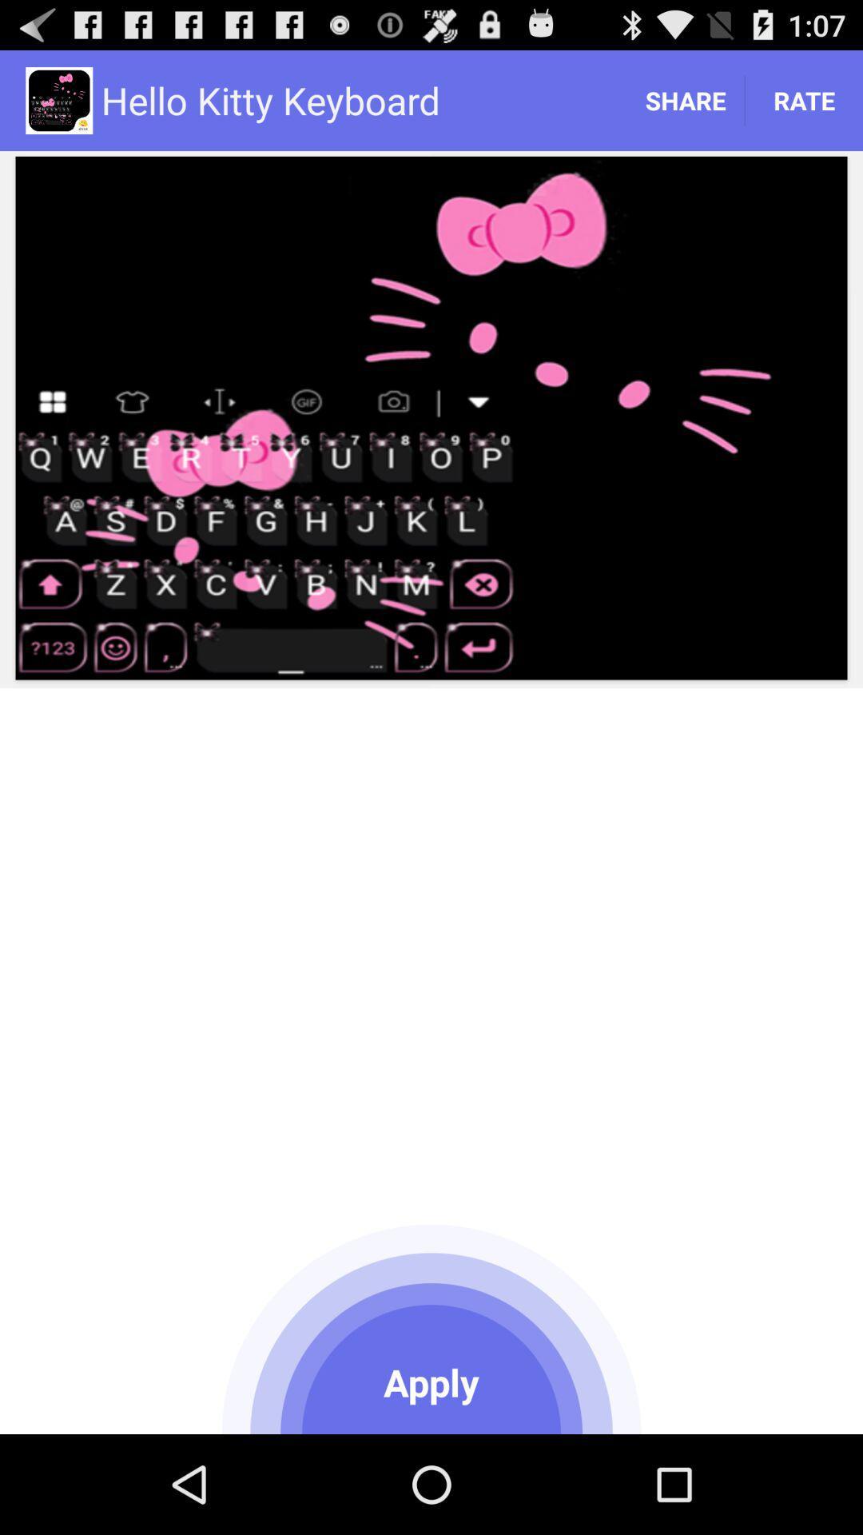  Describe the element at coordinates (804, 99) in the screenshot. I see `the rate` at that location.